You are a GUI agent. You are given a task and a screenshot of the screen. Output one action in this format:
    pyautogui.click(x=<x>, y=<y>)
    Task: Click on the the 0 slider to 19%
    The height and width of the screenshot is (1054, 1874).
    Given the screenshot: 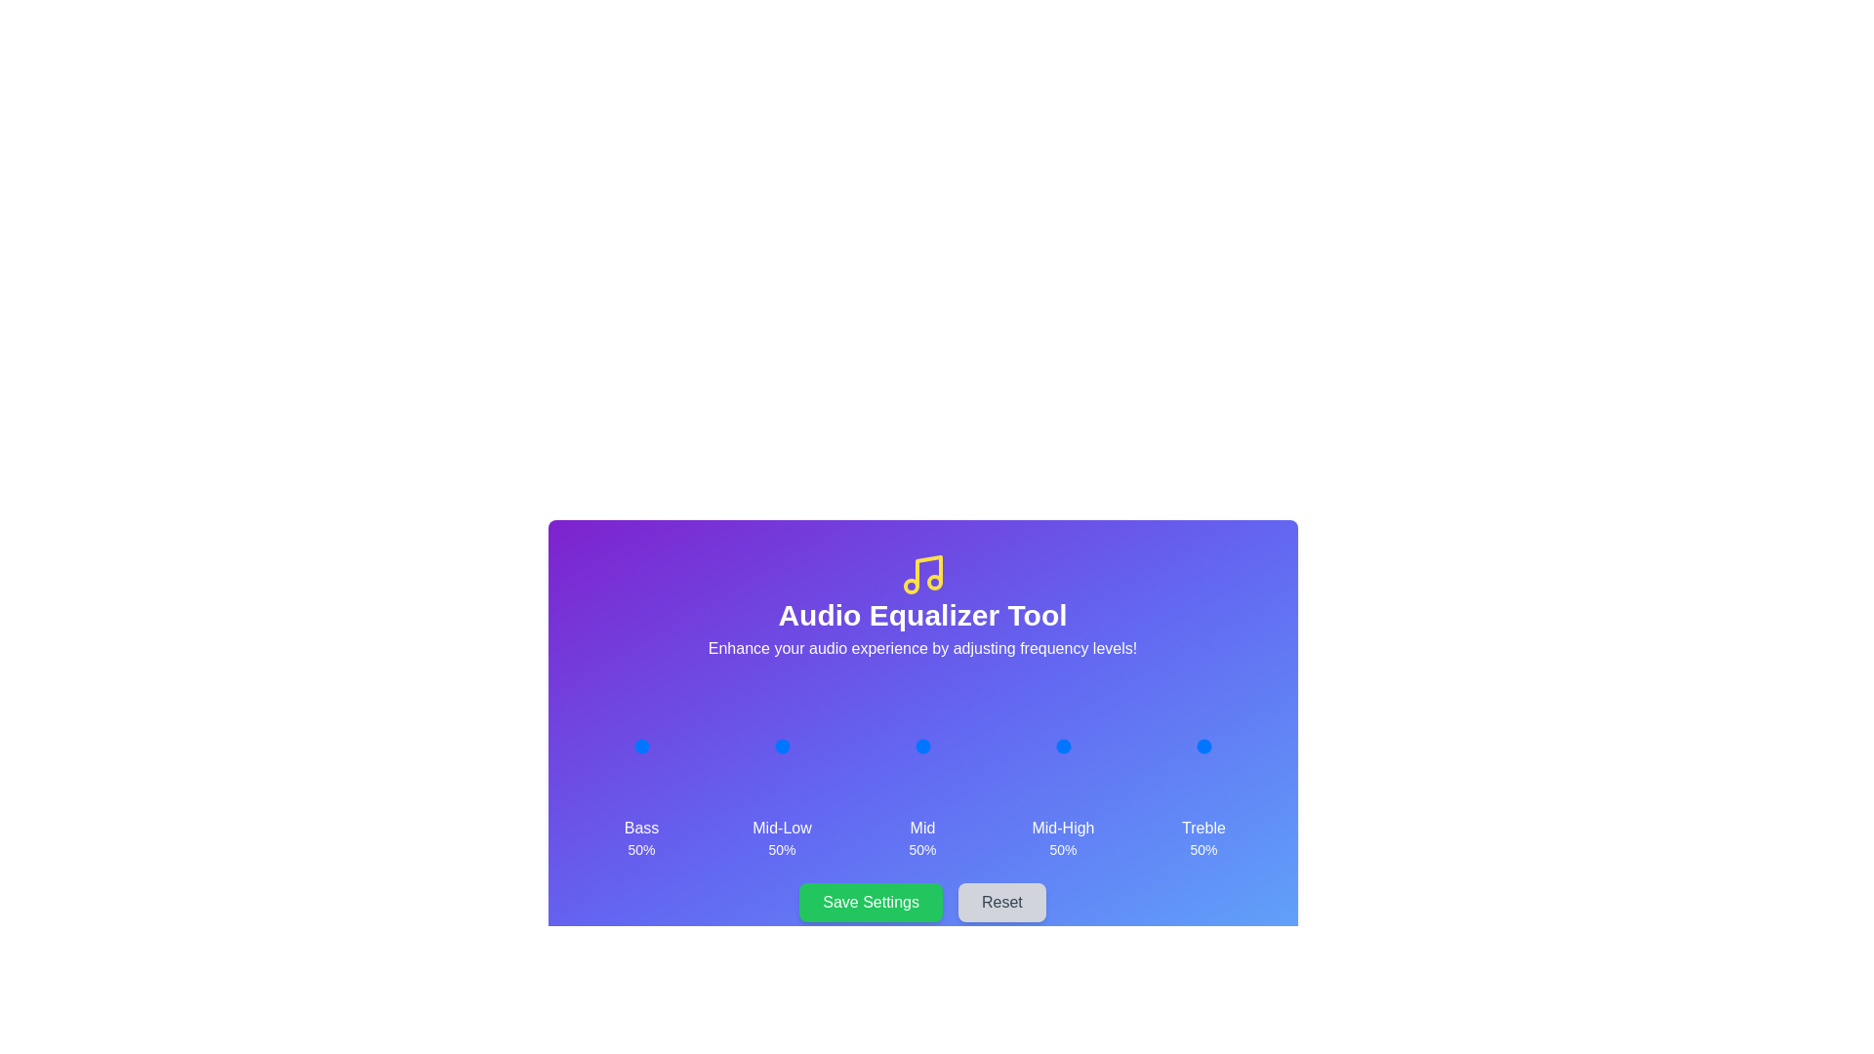 What is the action you would take?
    pyautogui.click(x=621, y=746)
    